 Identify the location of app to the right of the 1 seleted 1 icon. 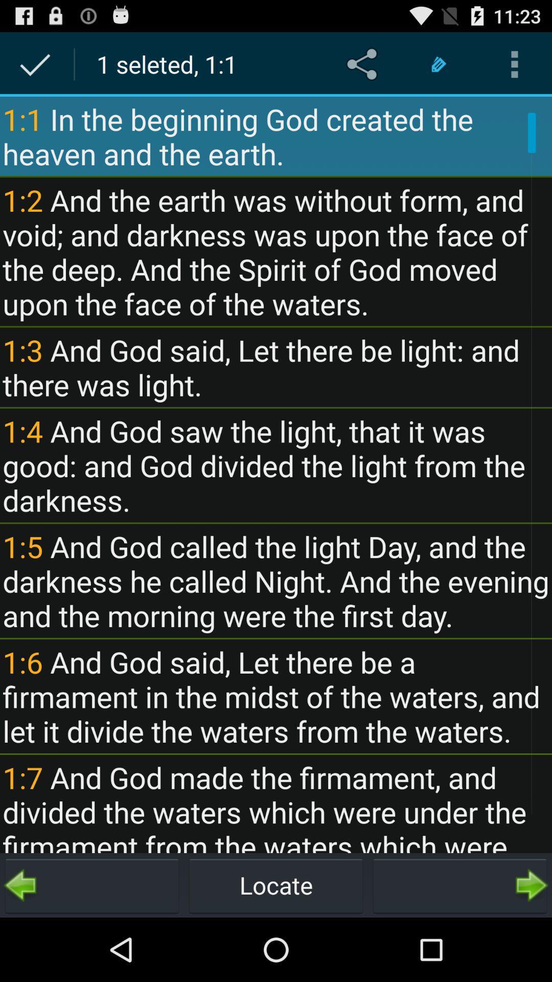
(363, 63).